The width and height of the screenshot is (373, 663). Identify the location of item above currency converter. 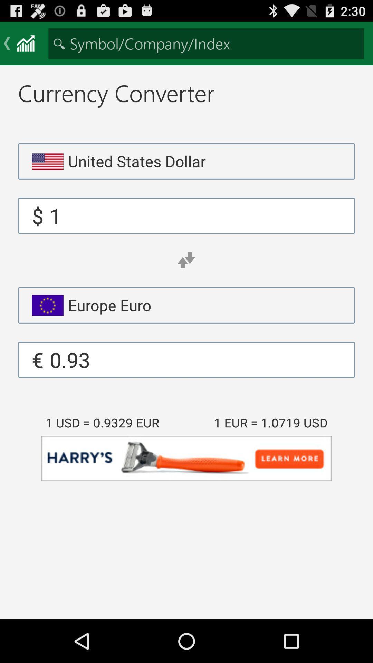
(206, 43).